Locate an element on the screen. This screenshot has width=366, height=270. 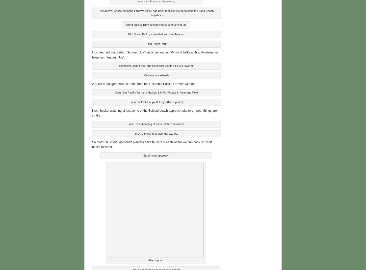
'Jacob of Pink Poppy Bakery (Allan’s photo)' is located at coordinates (156, 101).